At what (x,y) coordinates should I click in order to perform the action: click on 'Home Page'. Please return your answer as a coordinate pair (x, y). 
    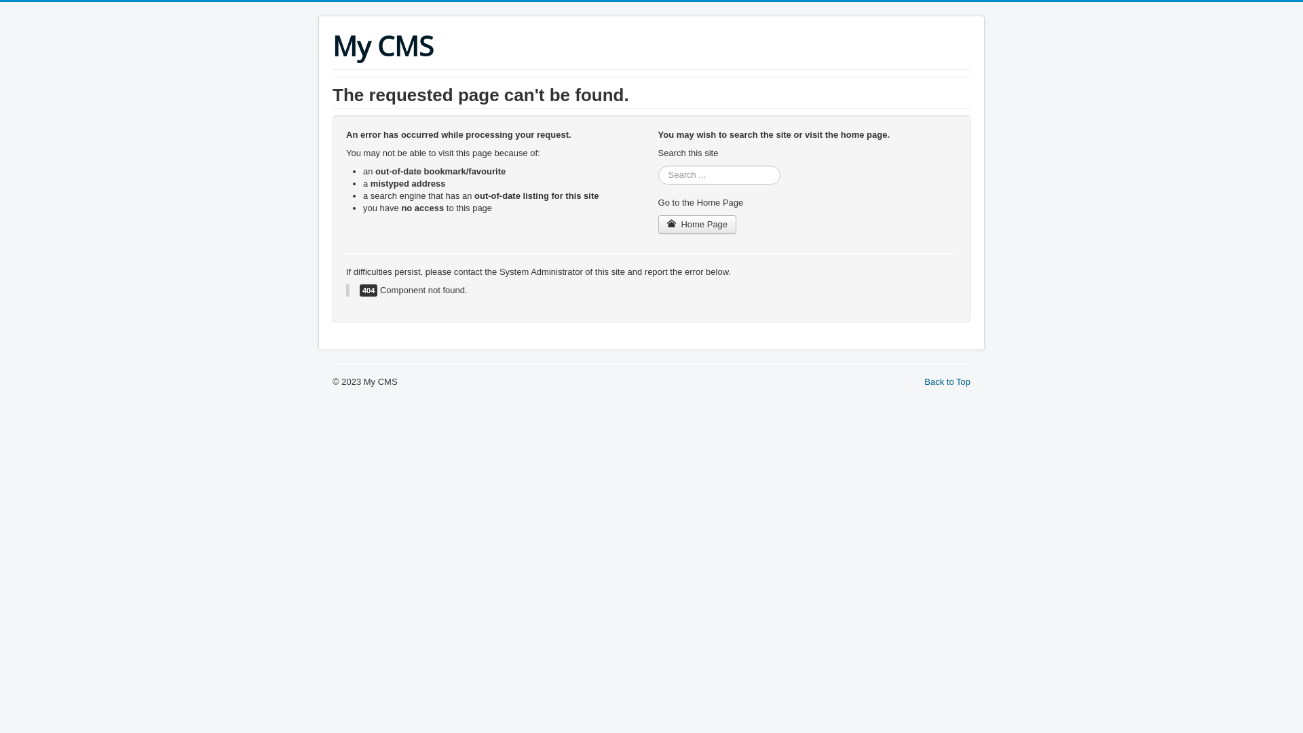
    Looking at the image, I should click on (697, 224).